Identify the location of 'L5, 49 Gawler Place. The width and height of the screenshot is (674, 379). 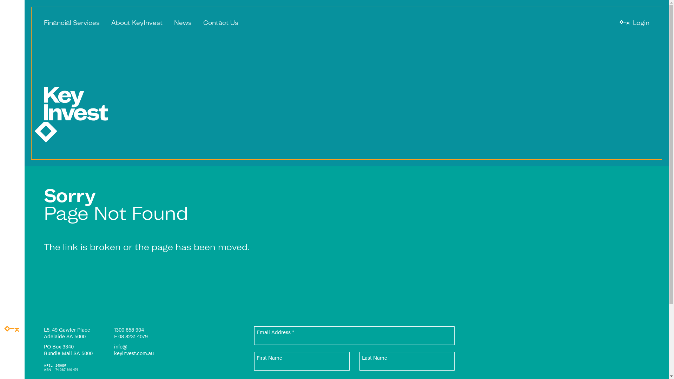
(43, 332).